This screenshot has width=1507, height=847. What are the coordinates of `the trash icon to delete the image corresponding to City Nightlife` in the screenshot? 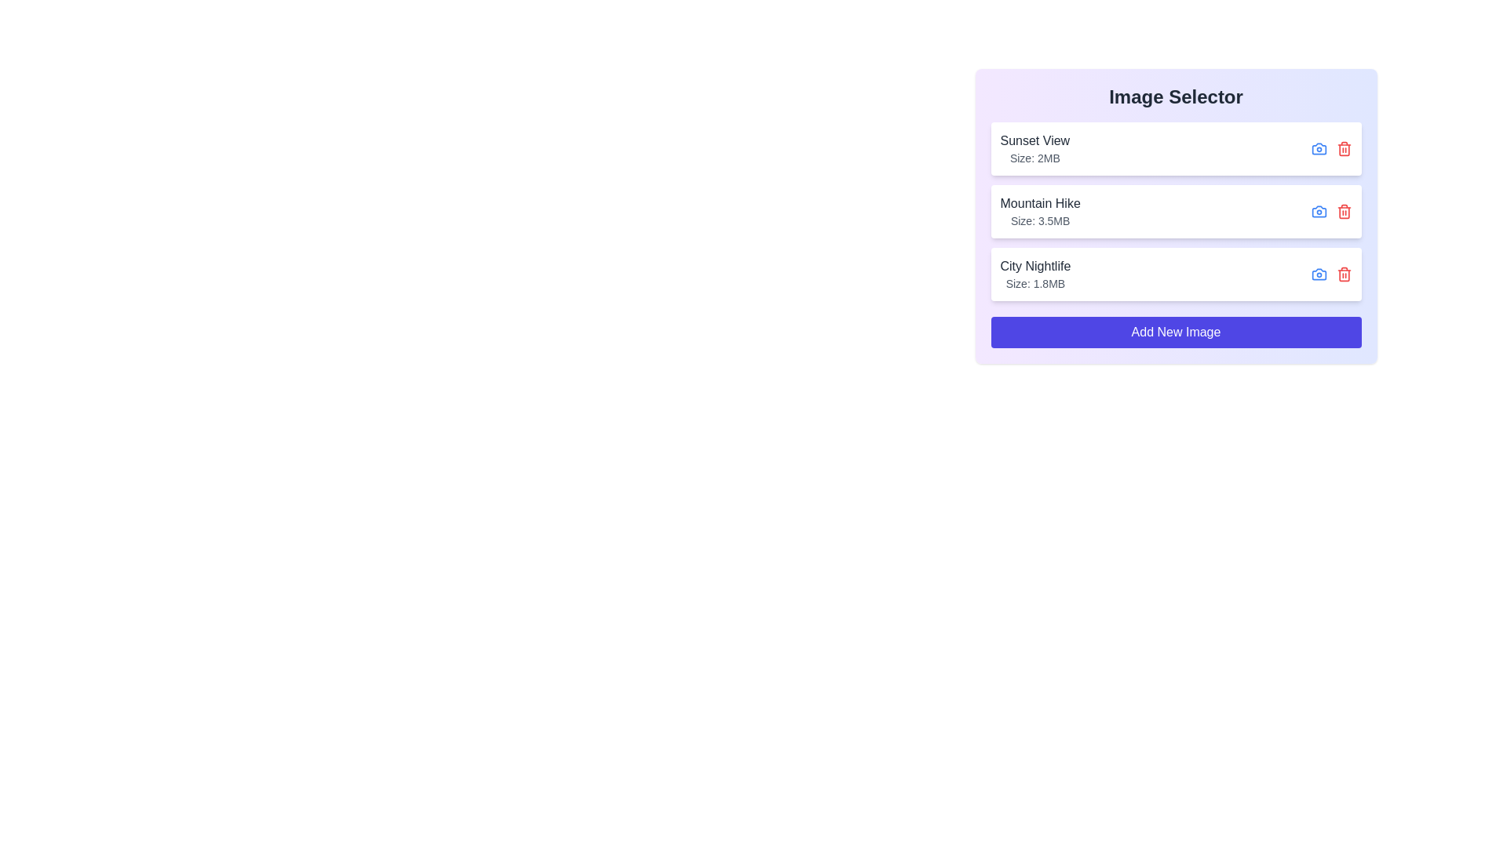 It's located at (1343, 274).